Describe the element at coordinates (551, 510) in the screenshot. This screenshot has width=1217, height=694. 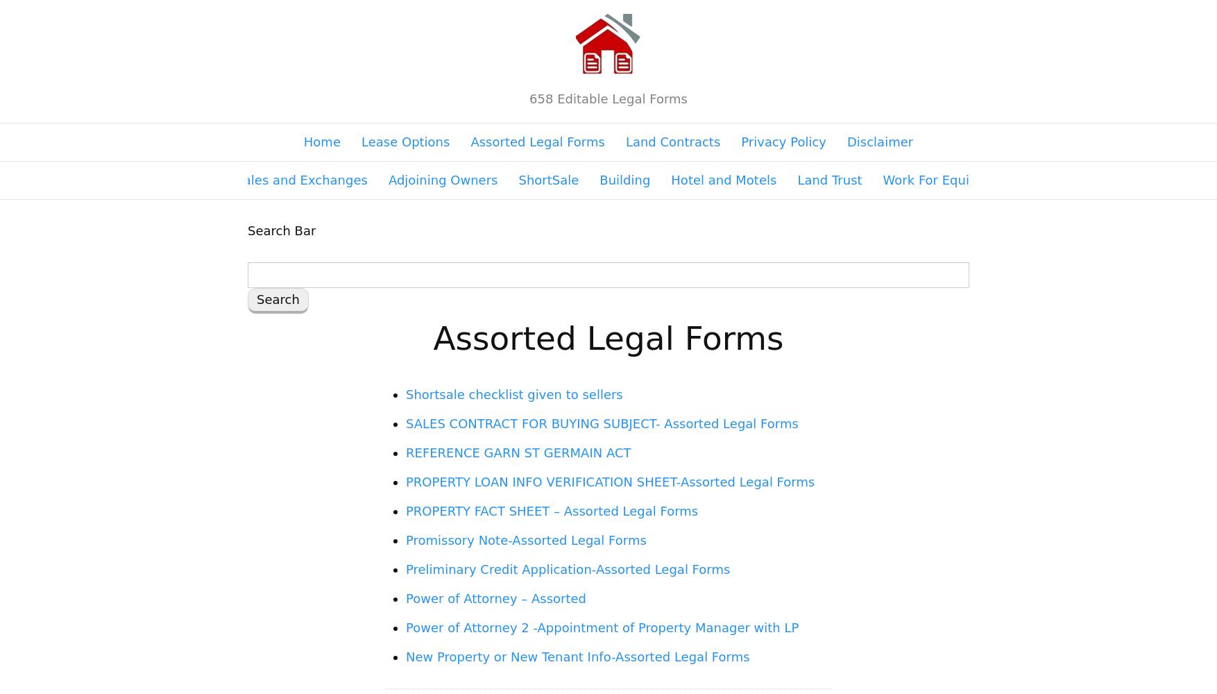
I see `'PROPERTY FACT SHEET – Assorted Legal Forms'` at that location.